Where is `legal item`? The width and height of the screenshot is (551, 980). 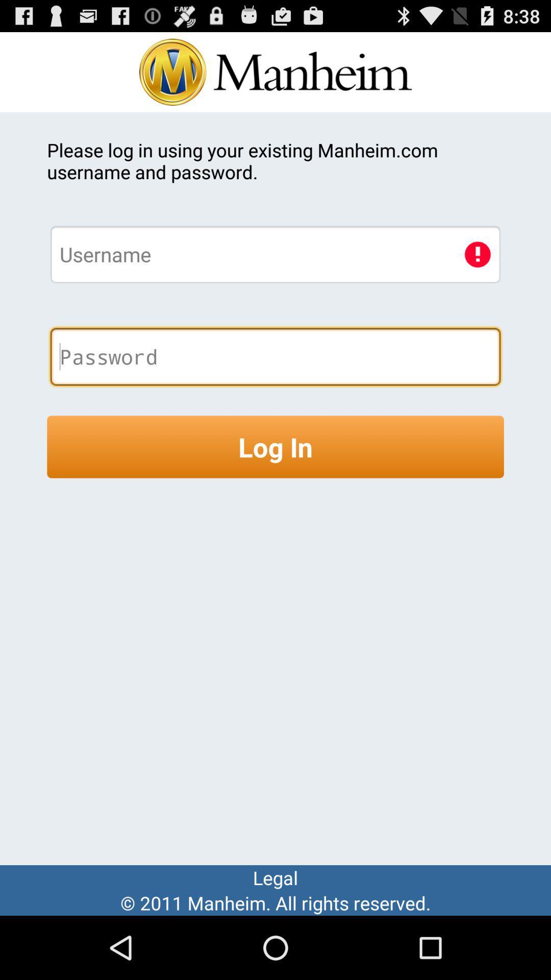 legal item is located at coordinates (275, 877).